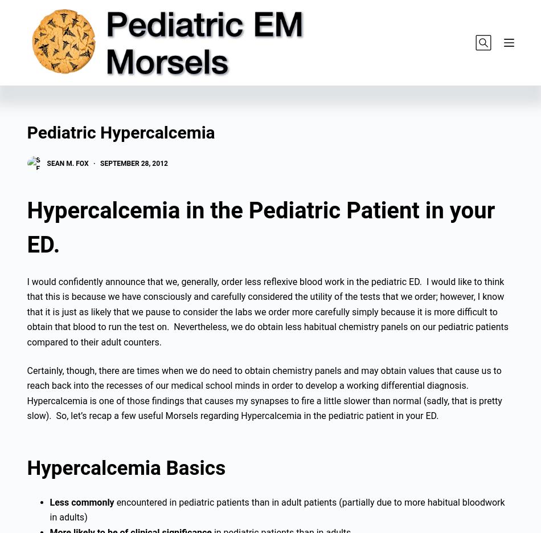 Image resolution: width=541 pixels, height=533 pixels. What do you see at coordinates (104, 81) in the screenshot?
I see `'Newest'` at bounding box center [104, 81].